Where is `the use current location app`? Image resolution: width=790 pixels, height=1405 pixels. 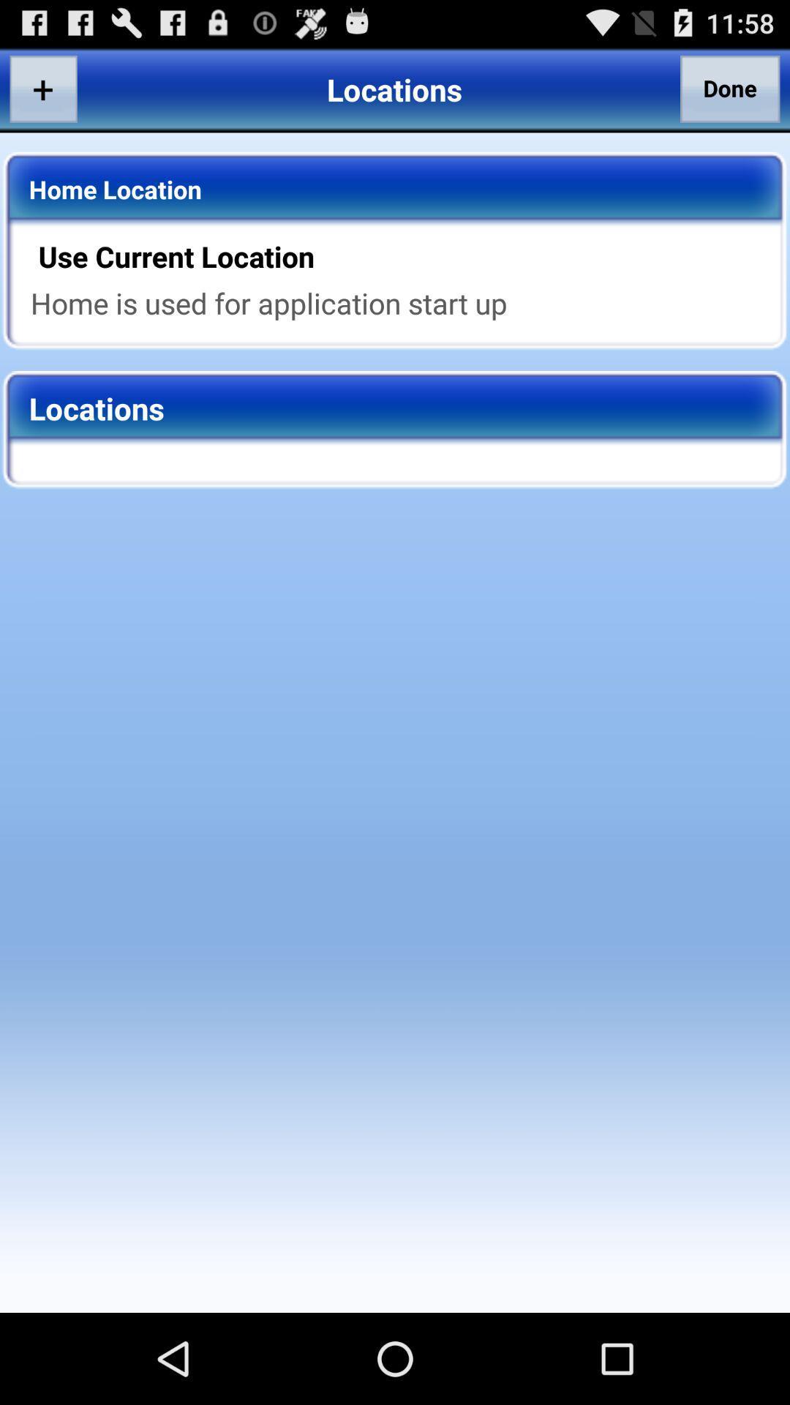 the use current location app is located at coordinates (405, 256).